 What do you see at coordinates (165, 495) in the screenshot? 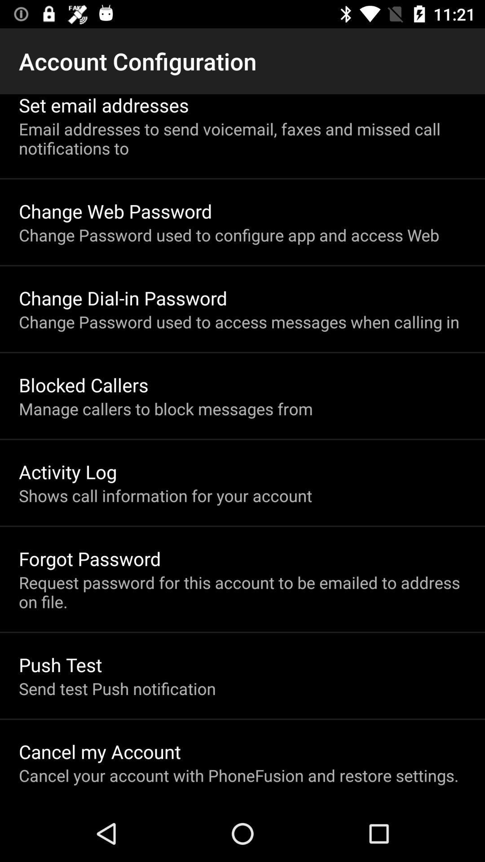
I see `item below activity log icon` at bounding box center [165, 495].